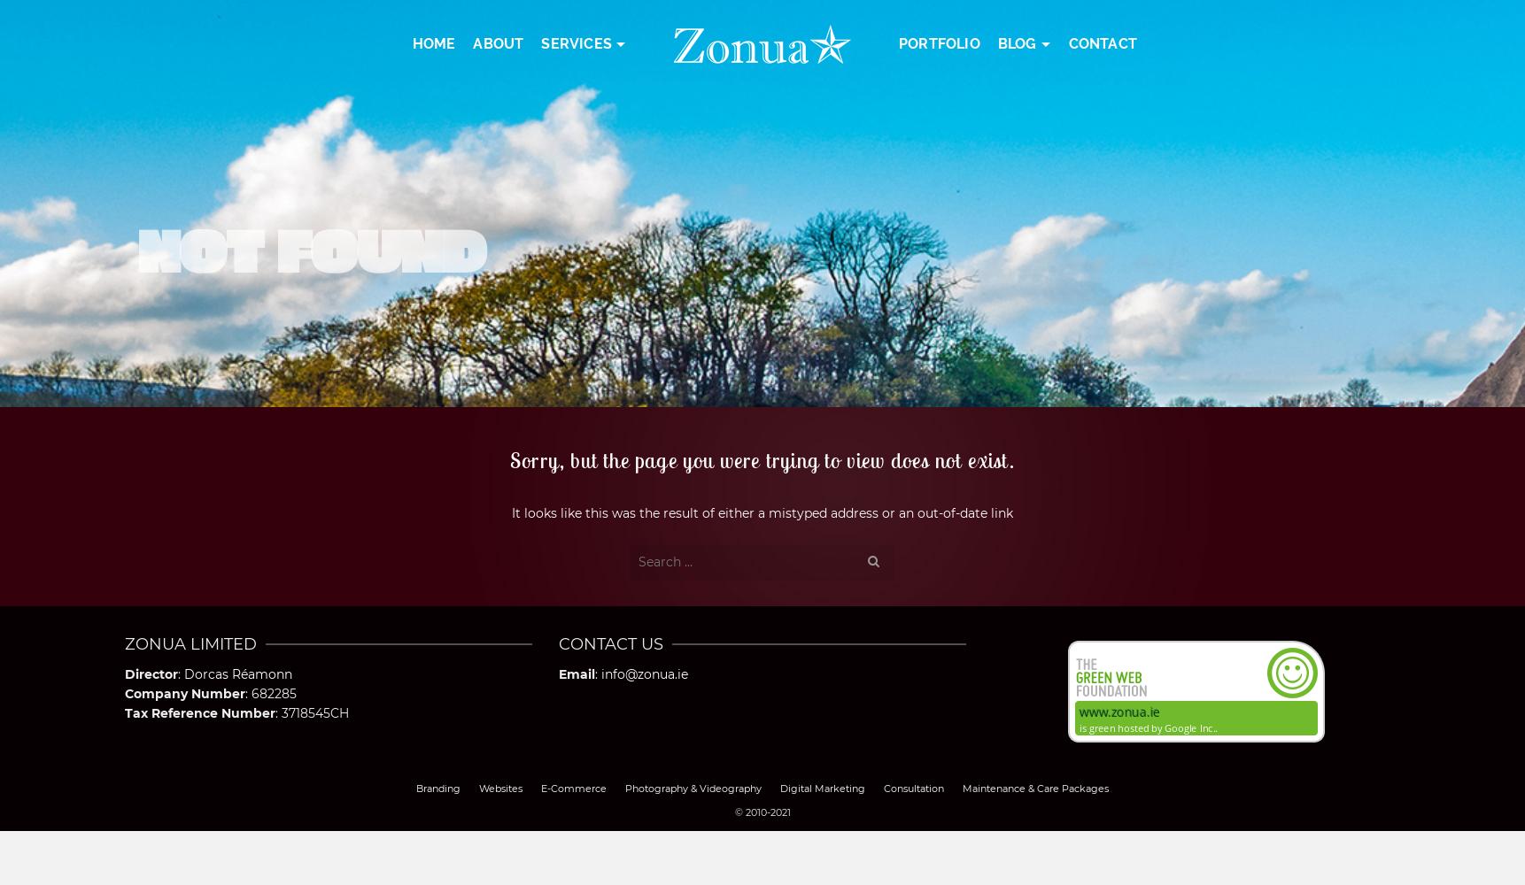 The width and height of the screenshot is (1525, 885). What do you see at coordinates (270, 693) in the screenshot?
I see `': 682285'` at bounding box center [270, 693].